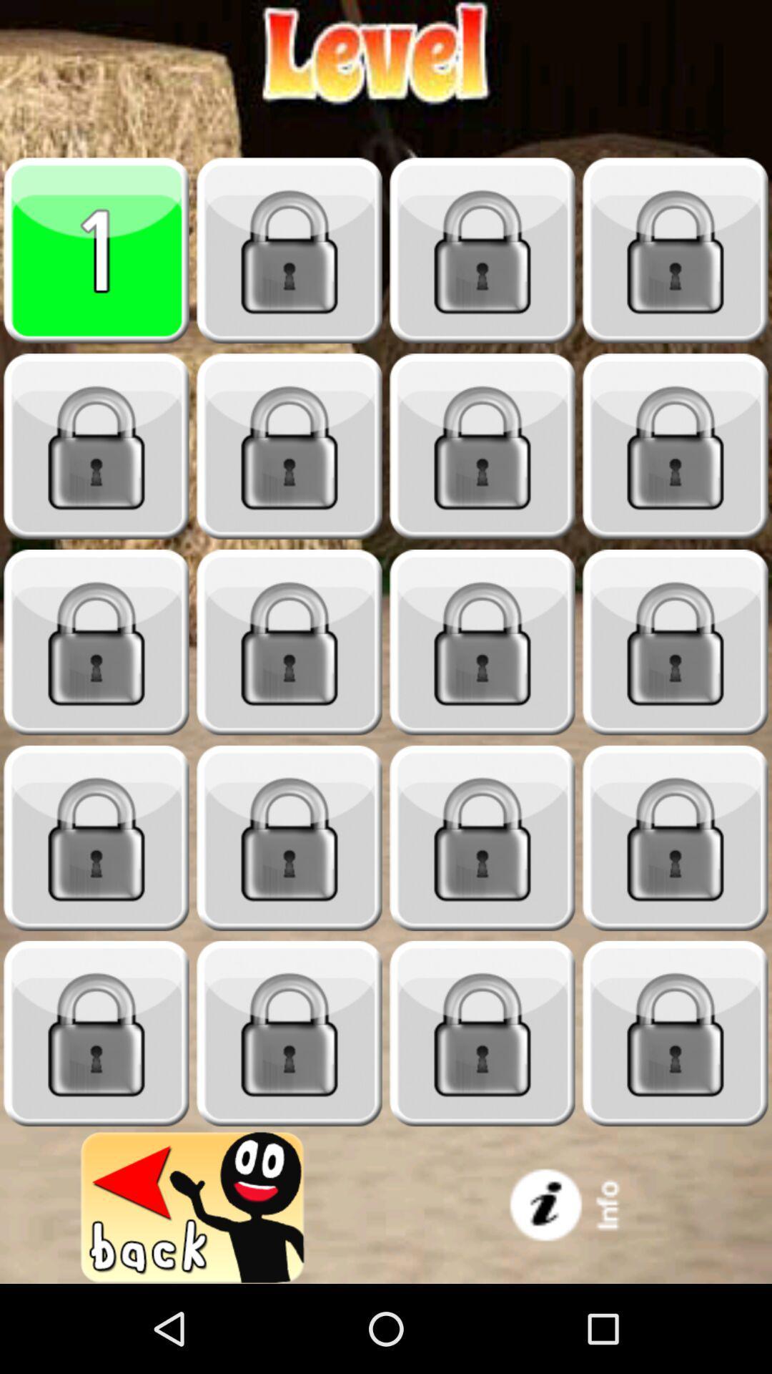  I want to click on next level, so click(289, 642).